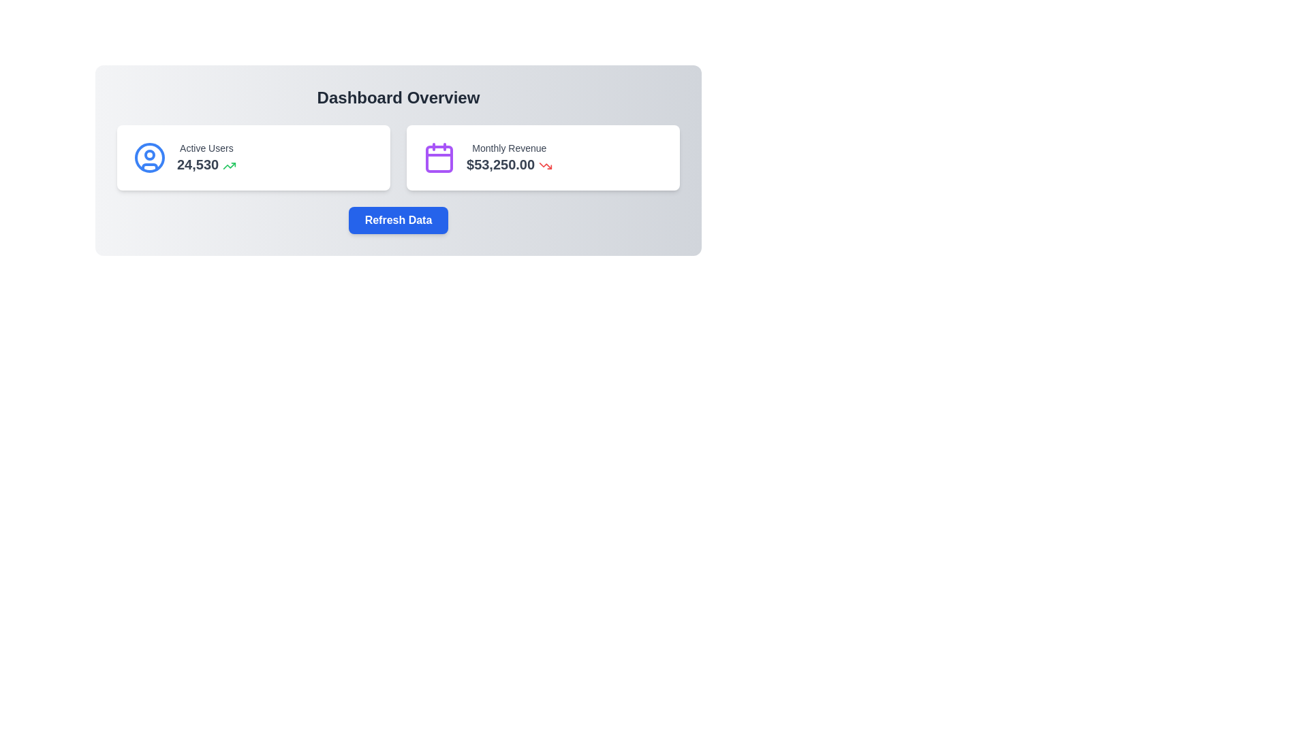 This screenshot has width=1308, height=735. What do you see at coordinates (150, 154) in the screenshot?
I see `the small blue circular shape located at the top center of the user avatar icon in the 'Active Users' section` at bounding box center [150, 154].